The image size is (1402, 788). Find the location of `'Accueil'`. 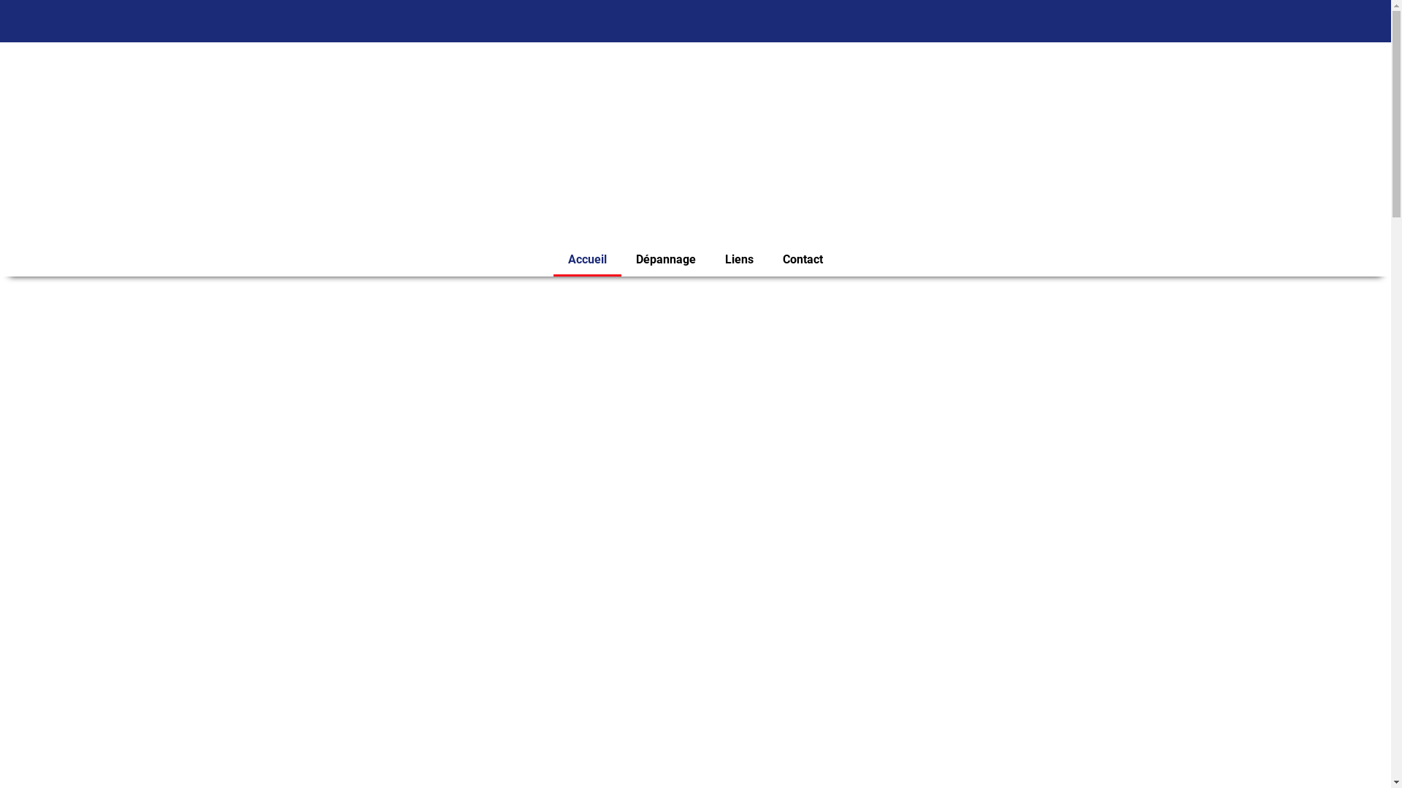

'Accueil' is located at coordinates (587, 258).